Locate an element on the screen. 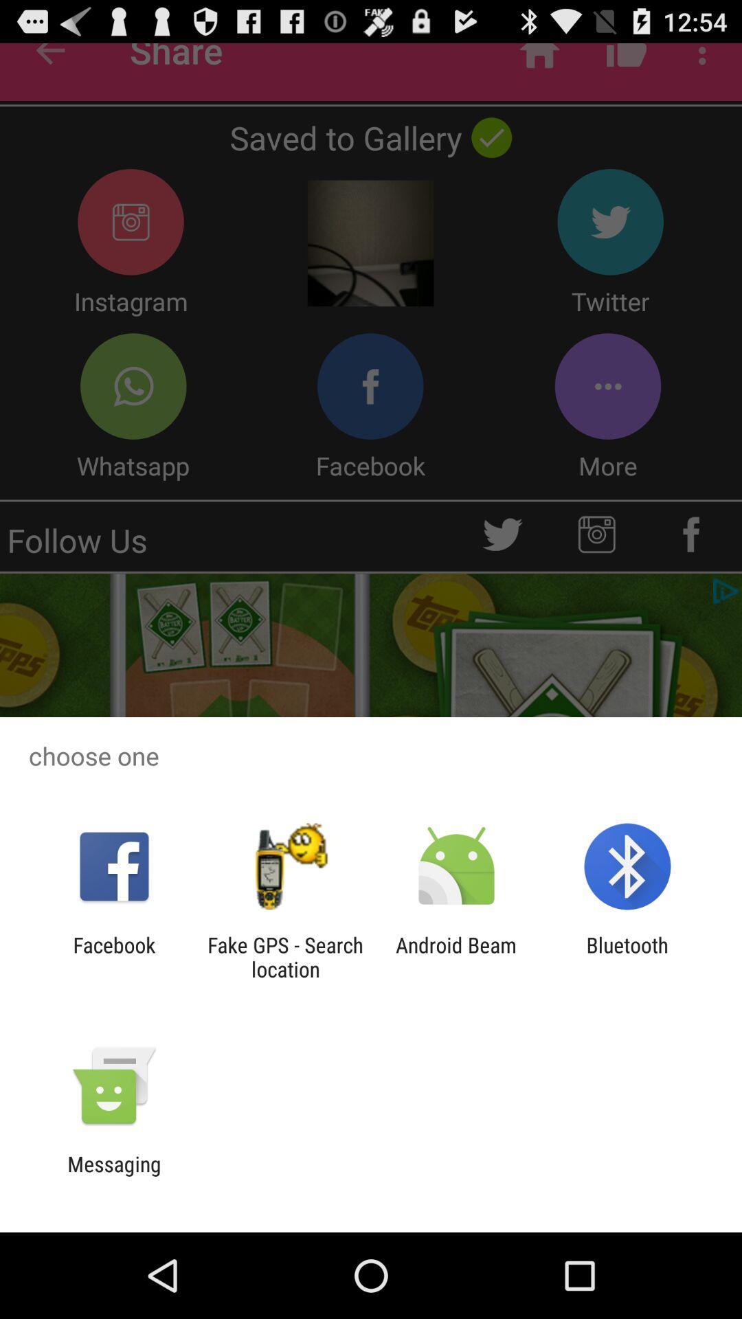  the item at the bottom right corner is located at coordinates (627, 956).